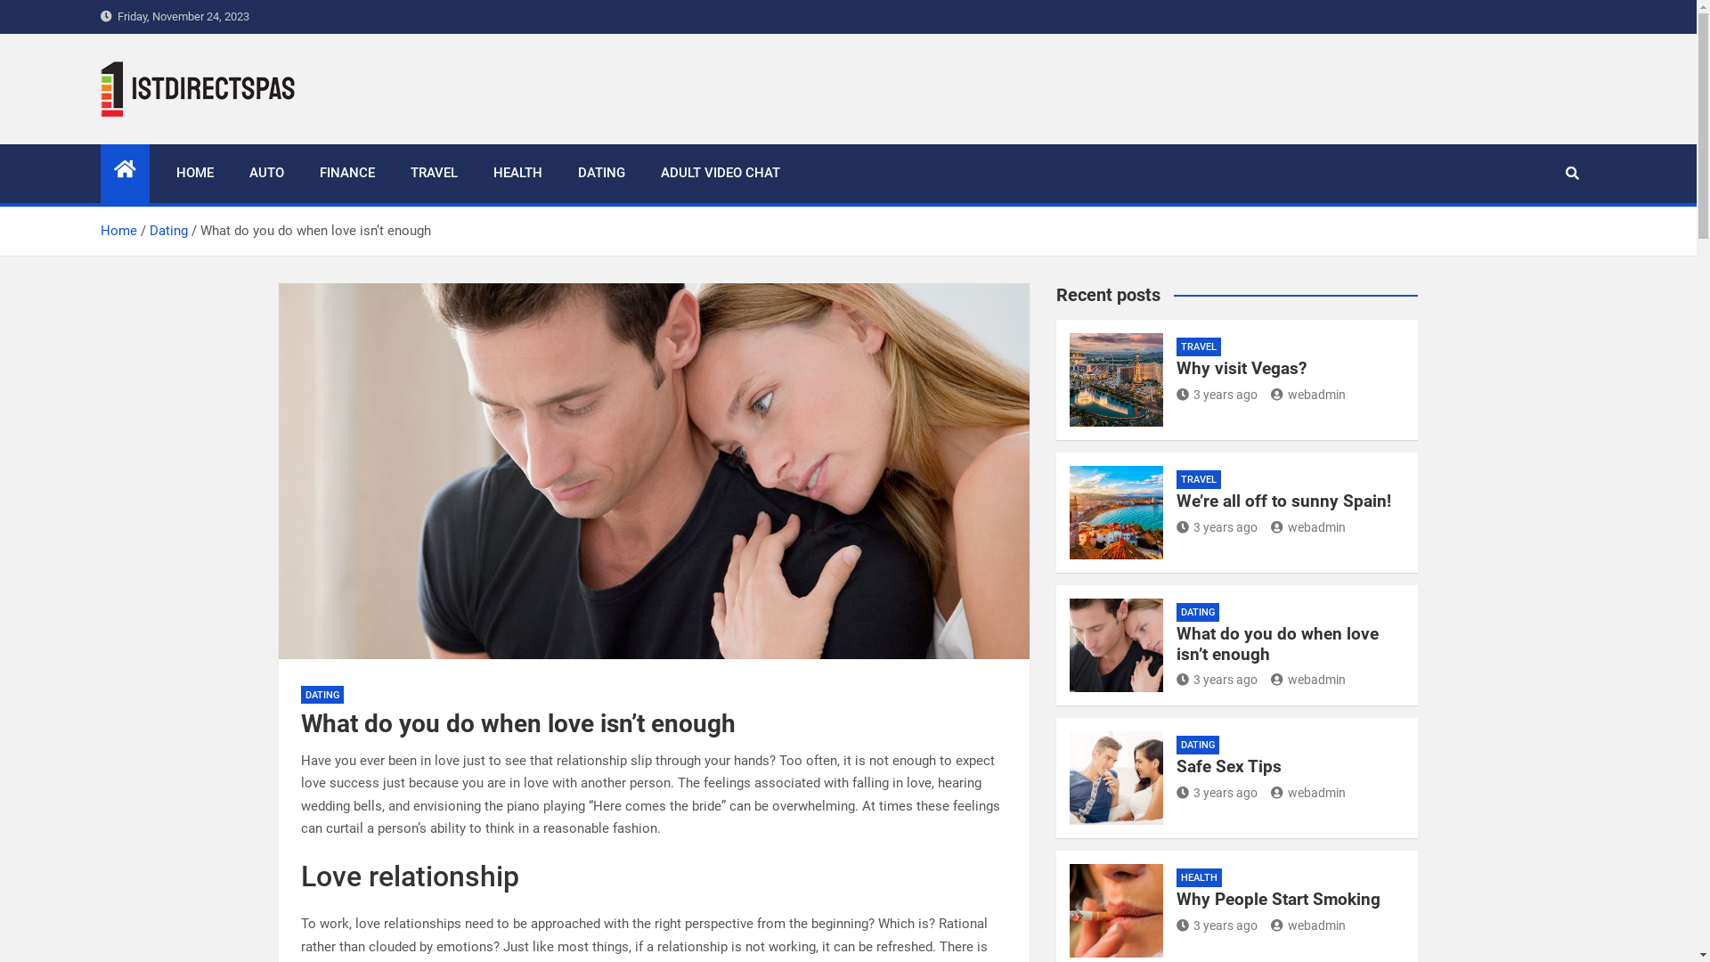 The image size is (1710, 962). Describe the element at coordinates (1240, 367) in the screenshot. I see `'Why visit Vegas?'` at that location.